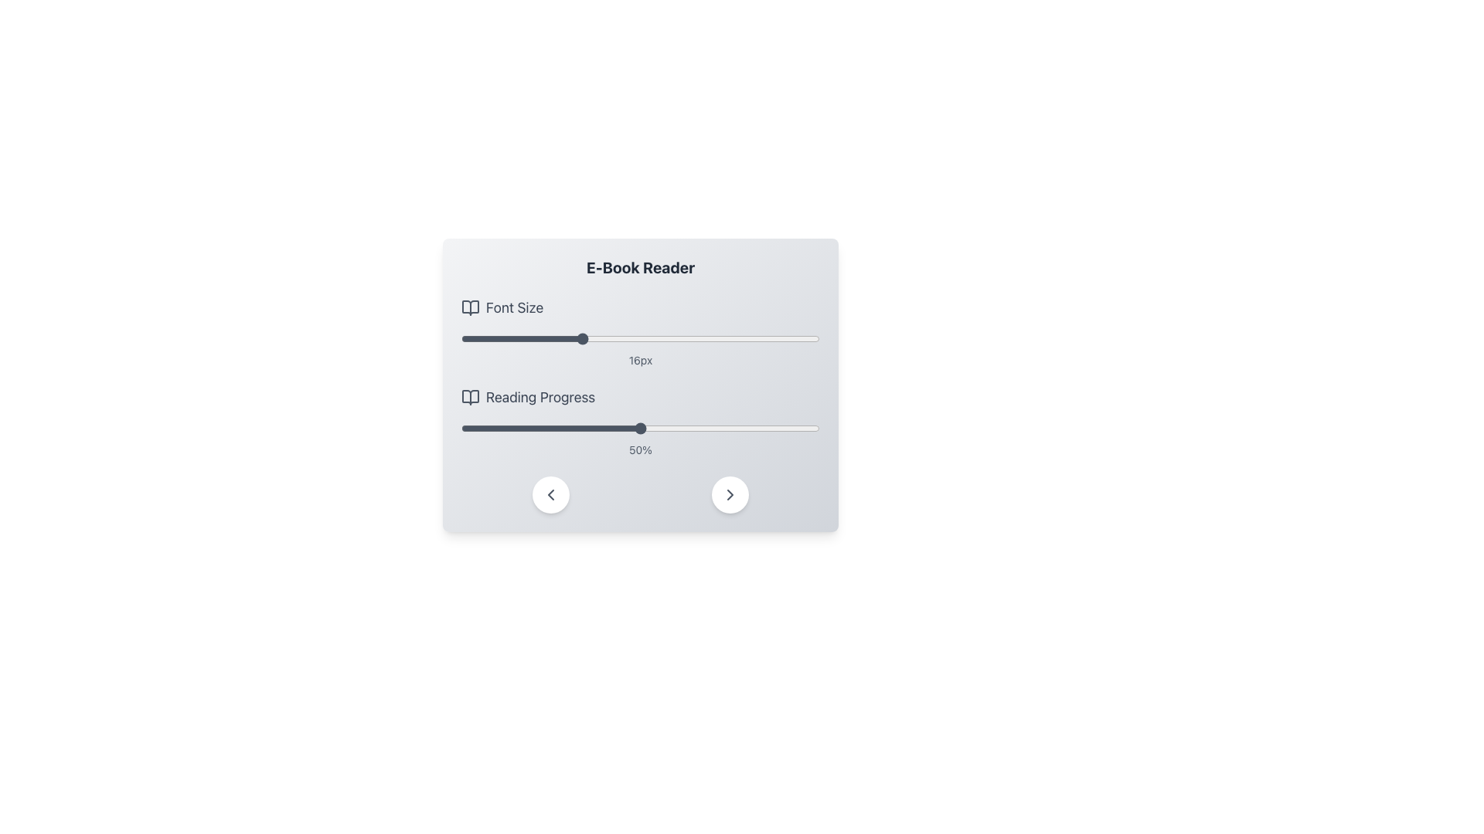 This screenshot has width=1484, height=834. Describe the element at coordinates (708, 429) in the screenshot. I see `the reading progress` at that location.